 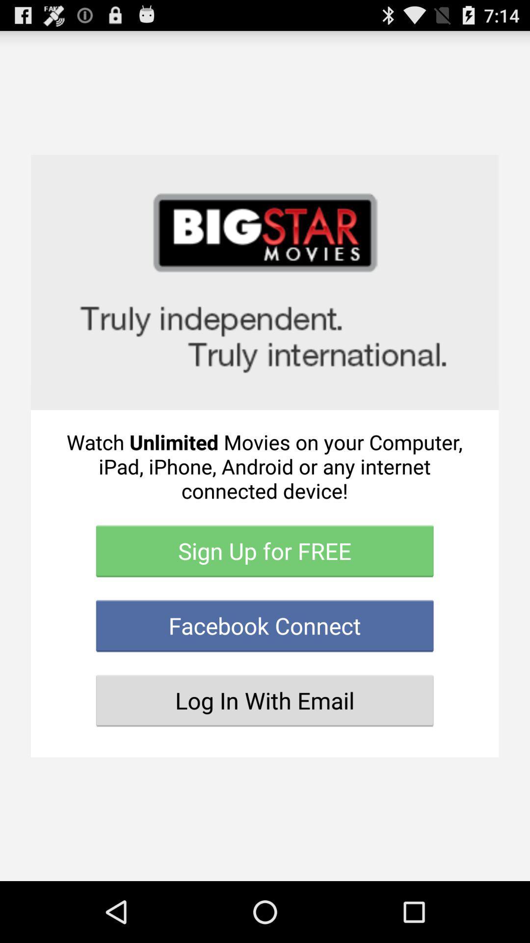 I want to click on the item above the facebook connect, so click(x=264, y=551).